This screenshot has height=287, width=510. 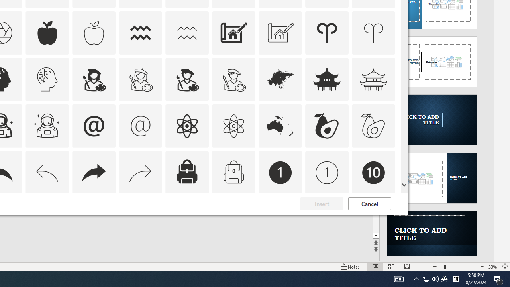 I want to click on 'AutomationID: Icons_At', so click(x=94, y=126).